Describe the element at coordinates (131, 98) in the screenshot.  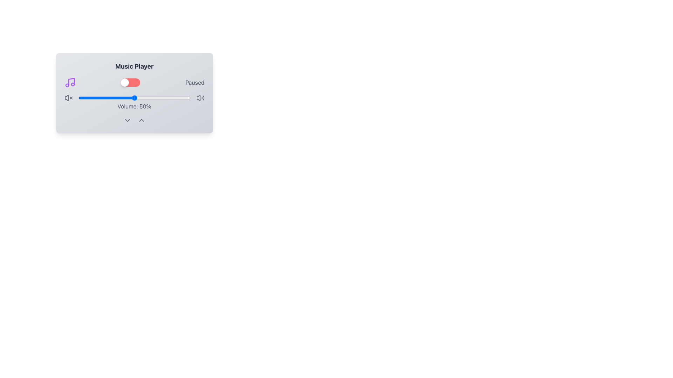
I see `volume` at that location.